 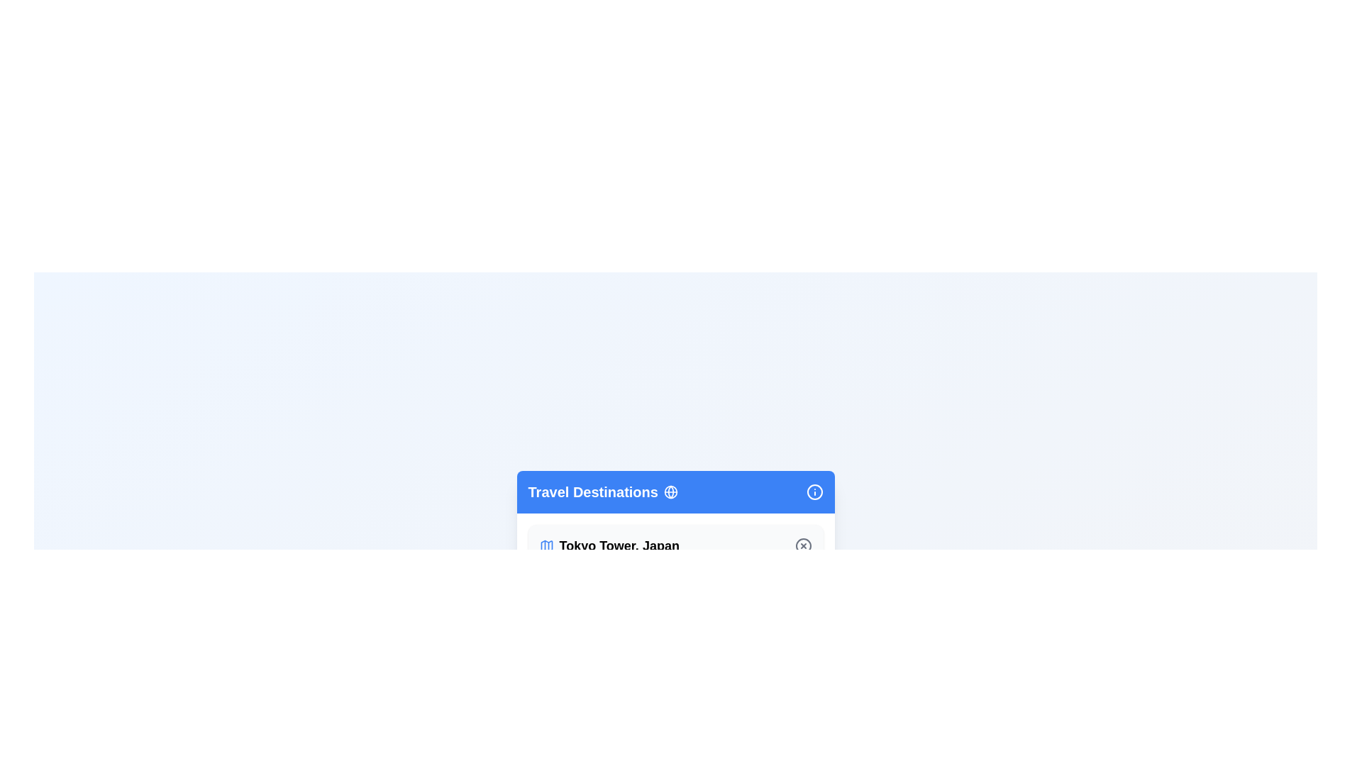 I want to click on the circular button with an 'X' shape inside, which has a gray stroke that turns red on hover, located at the far right of the layout with the text 'Tokyo Tower, Japan', so click(x=803, y=545).